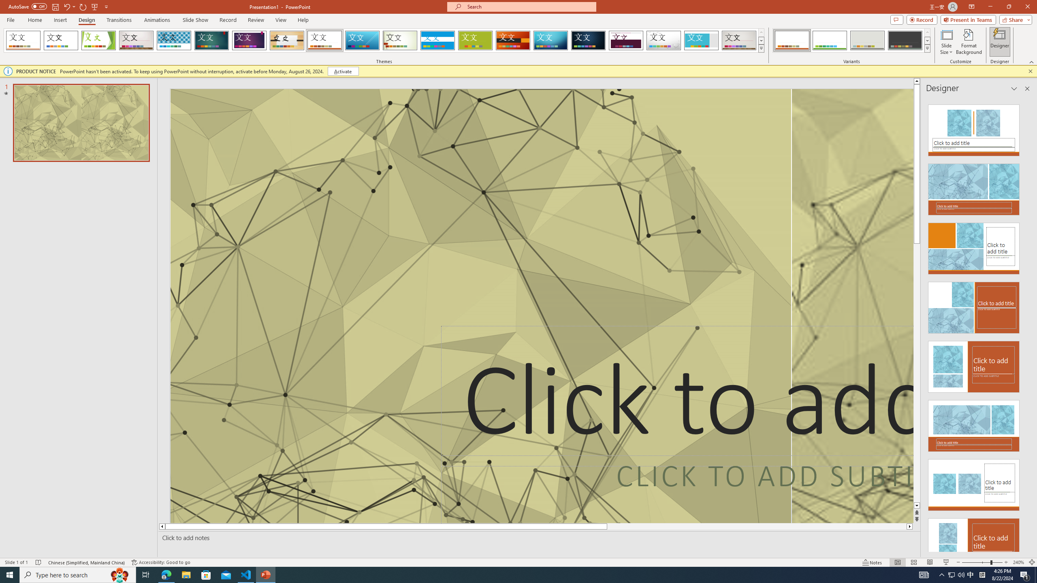  What do you see at coordinates (1030, 71) in the screenshot?
I see `'Close this message'` at bounding box center [1030, 71].